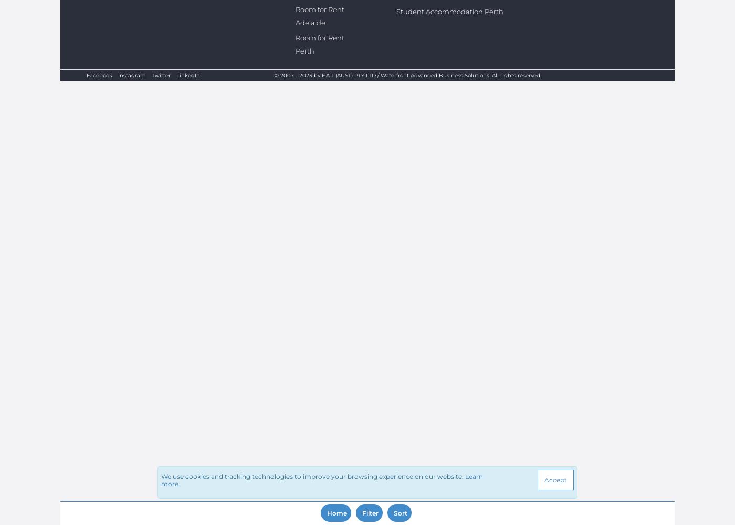  I want to click on 'Student Accommodation Perth', so click(449, 12).